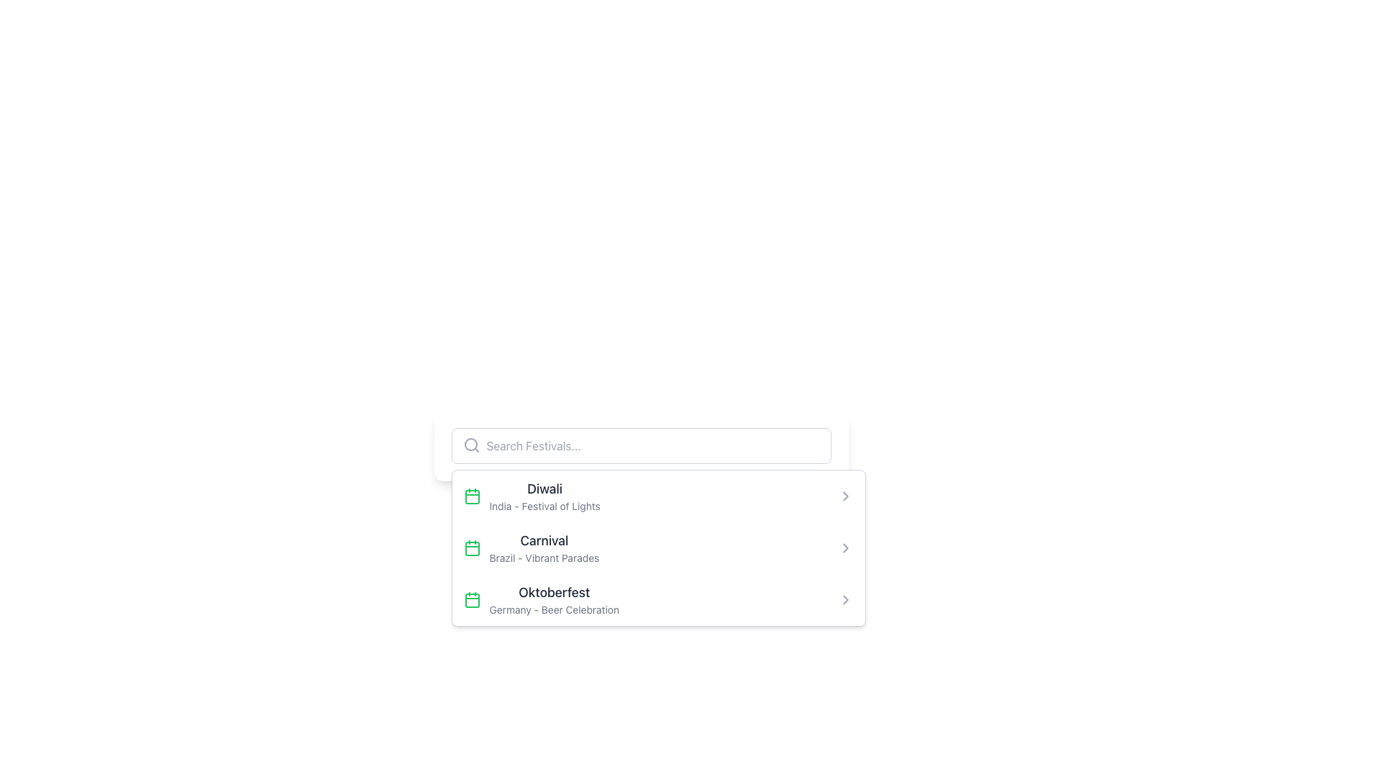  What do you see at coordinates (472, 496) in the screenshot?
I see `the green outline calendar icon located to the left of the text 'Diwali' in the list entry` at bounding box center [472, 496].